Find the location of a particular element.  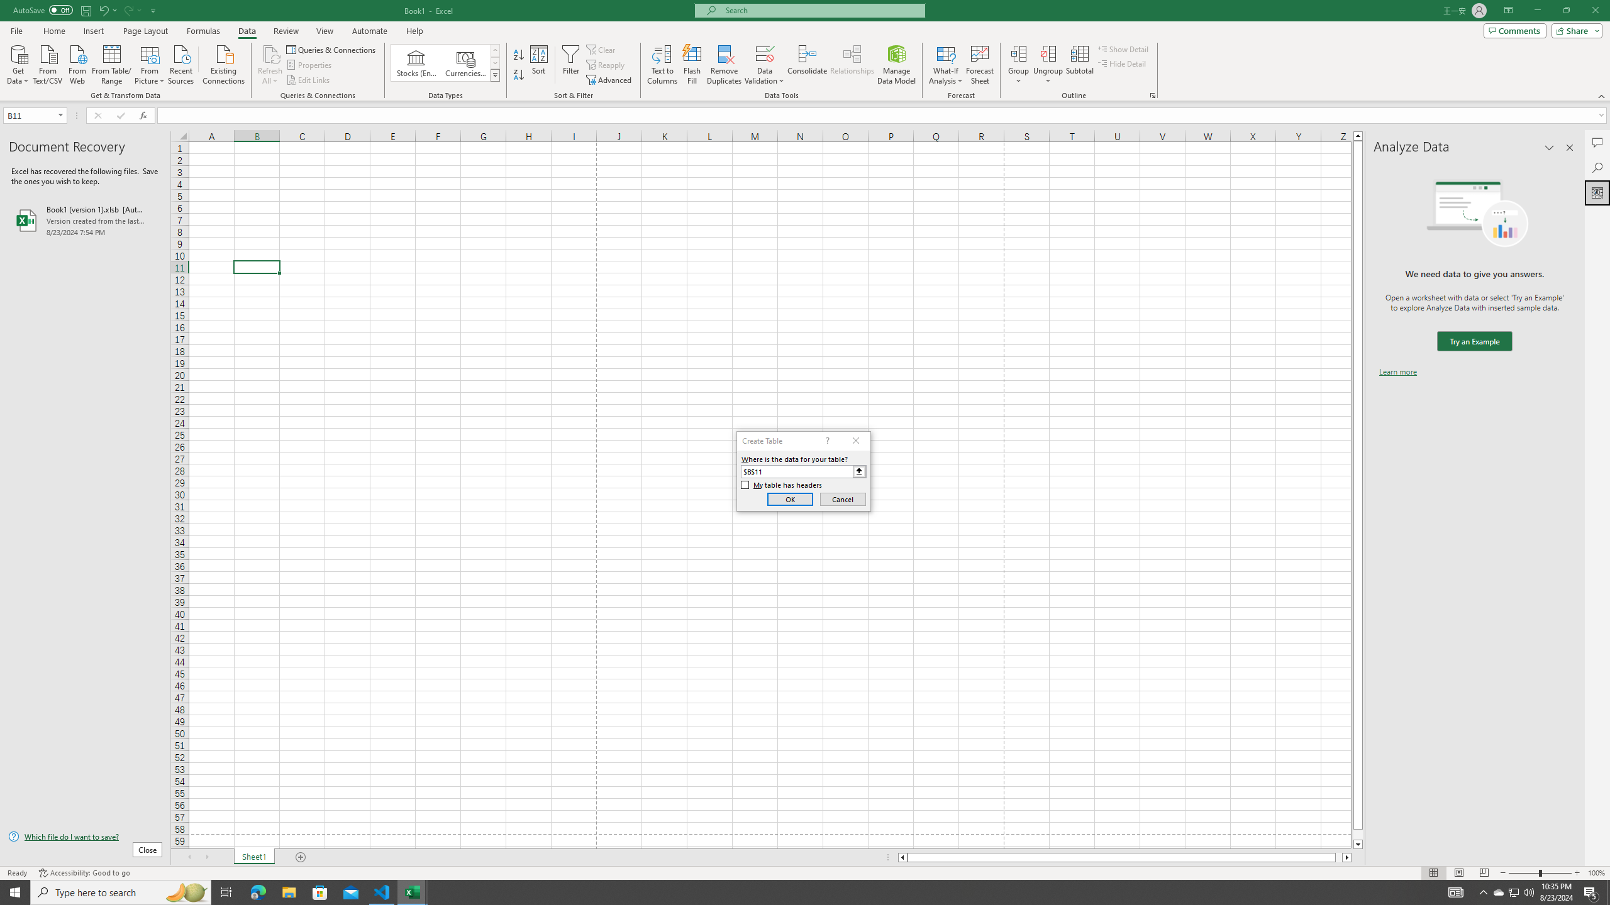

'Name Box' is located at coordinates (30, 115).